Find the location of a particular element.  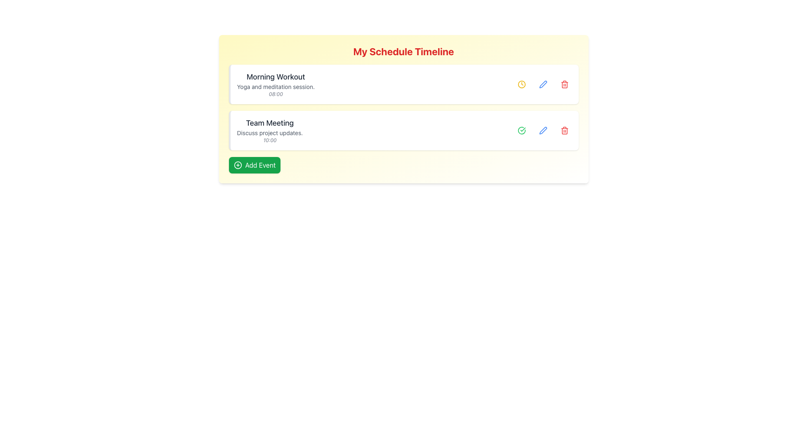

contents of the textual display box that shows information about the scheduled event, located between the 'Morning Workout' entry and the 'Add Event' button in the timeline is located at coordinates (270, 130).